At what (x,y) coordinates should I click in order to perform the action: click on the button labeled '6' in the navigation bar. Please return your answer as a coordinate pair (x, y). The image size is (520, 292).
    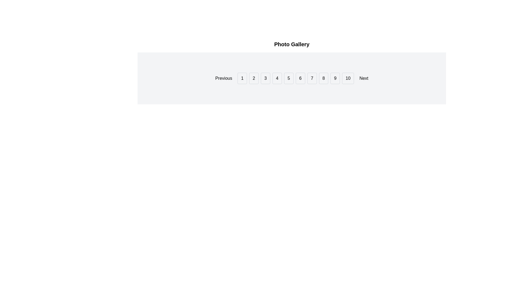
    Looking at the image, I should click on (300, 78).